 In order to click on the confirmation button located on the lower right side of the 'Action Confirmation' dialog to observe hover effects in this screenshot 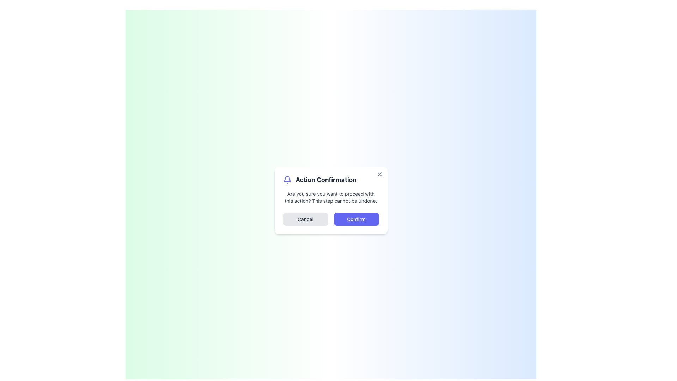, I will do `click(356, 219)`.